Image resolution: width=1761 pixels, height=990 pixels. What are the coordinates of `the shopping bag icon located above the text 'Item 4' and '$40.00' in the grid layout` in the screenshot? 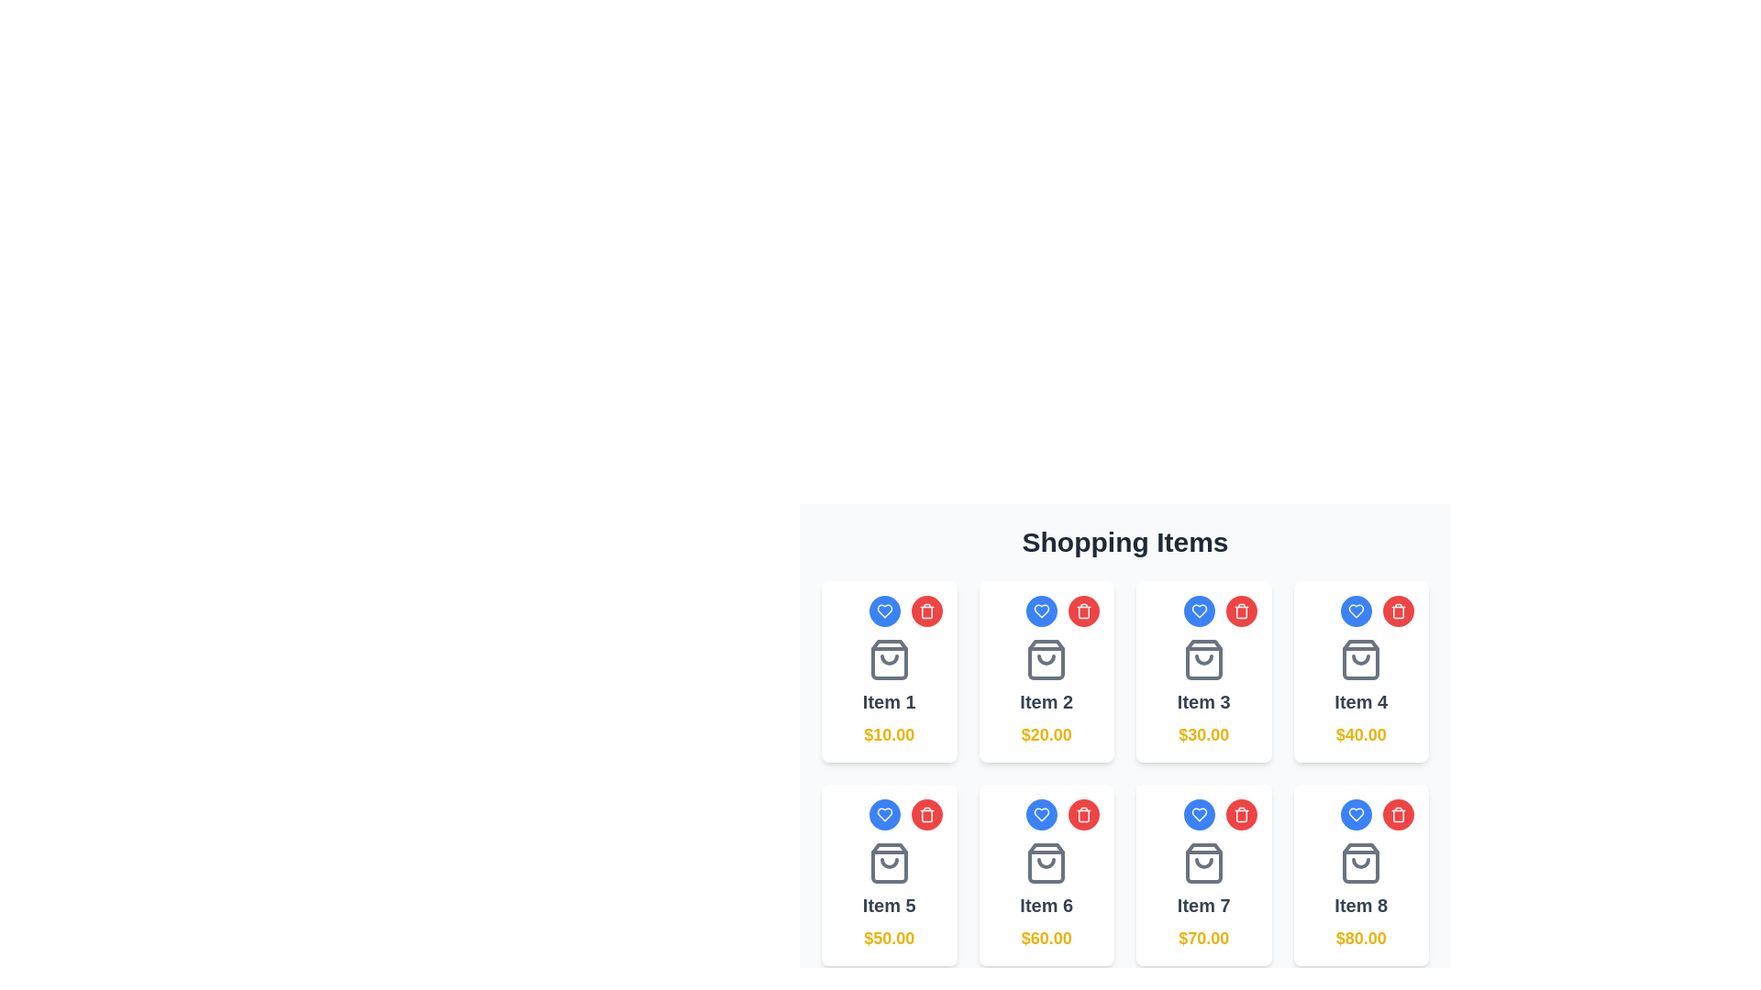 It's located at (1361, 660).